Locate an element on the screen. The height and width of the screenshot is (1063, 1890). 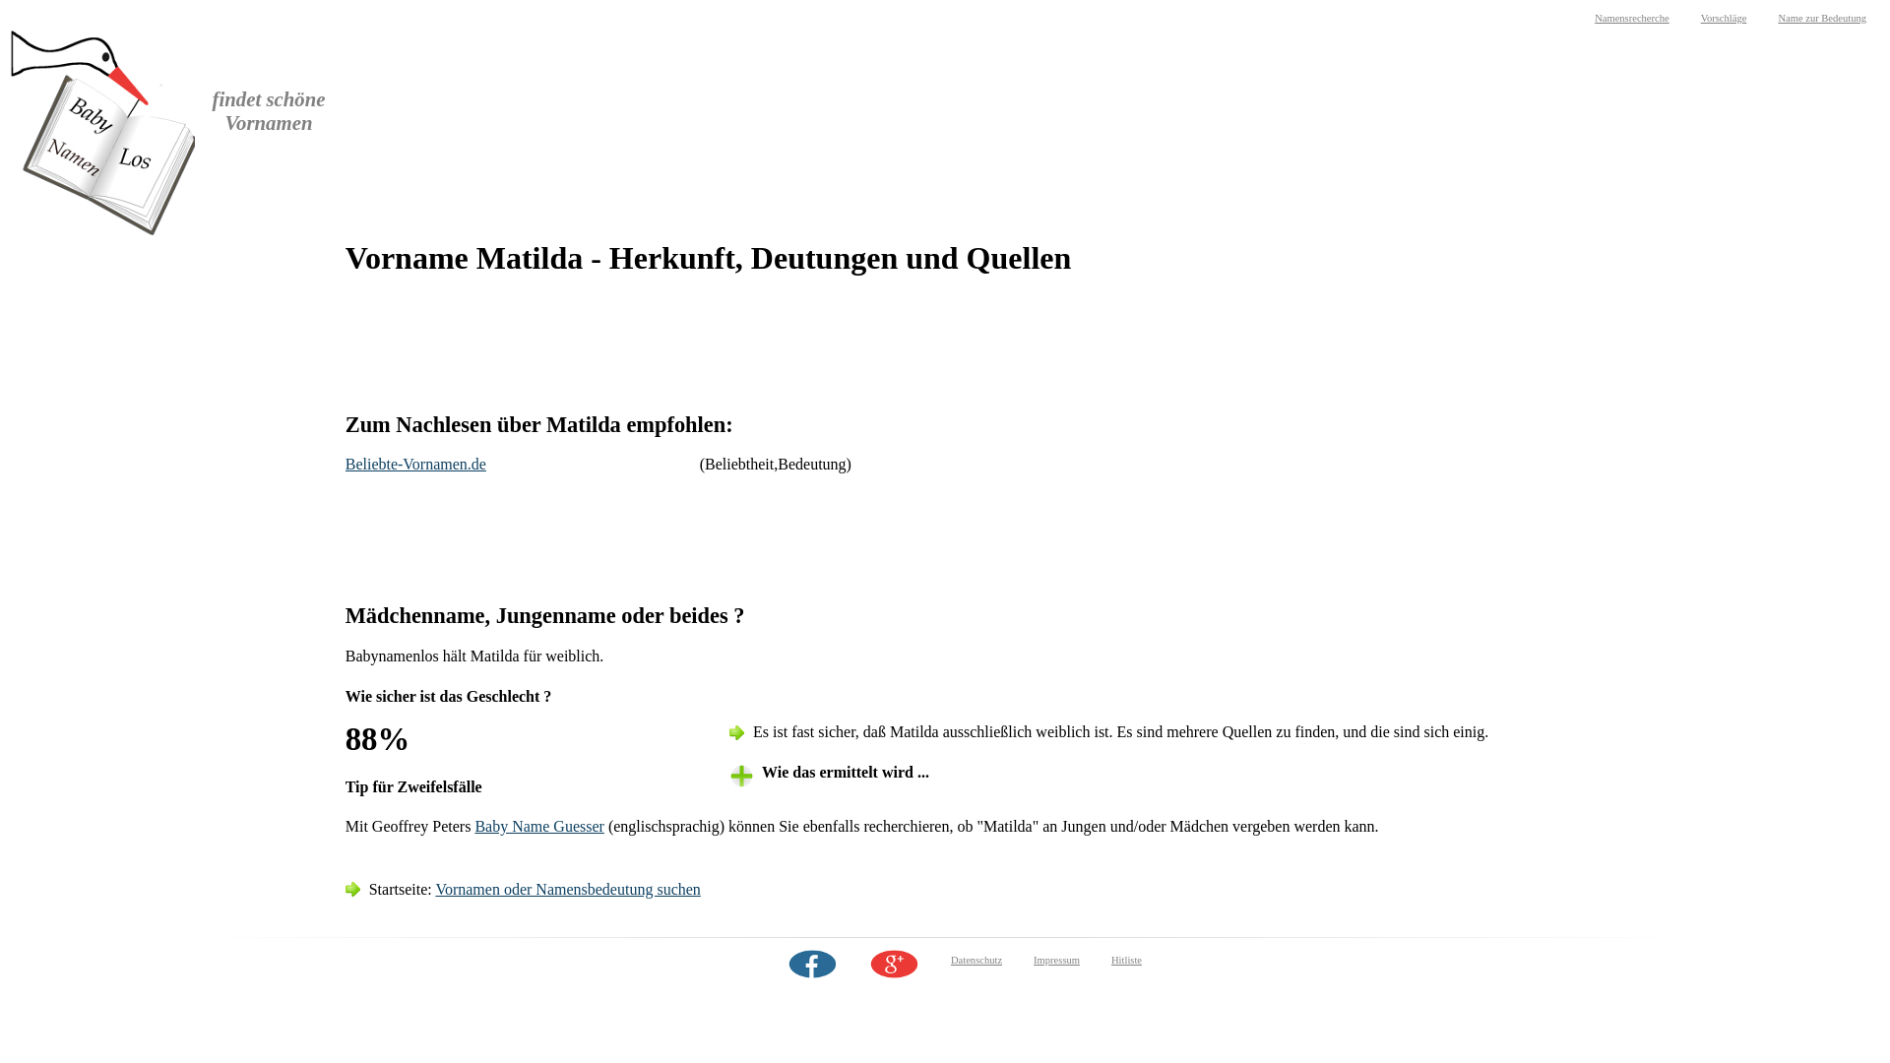
'Baby Name Guesser' is located at coordinates (538, 826).